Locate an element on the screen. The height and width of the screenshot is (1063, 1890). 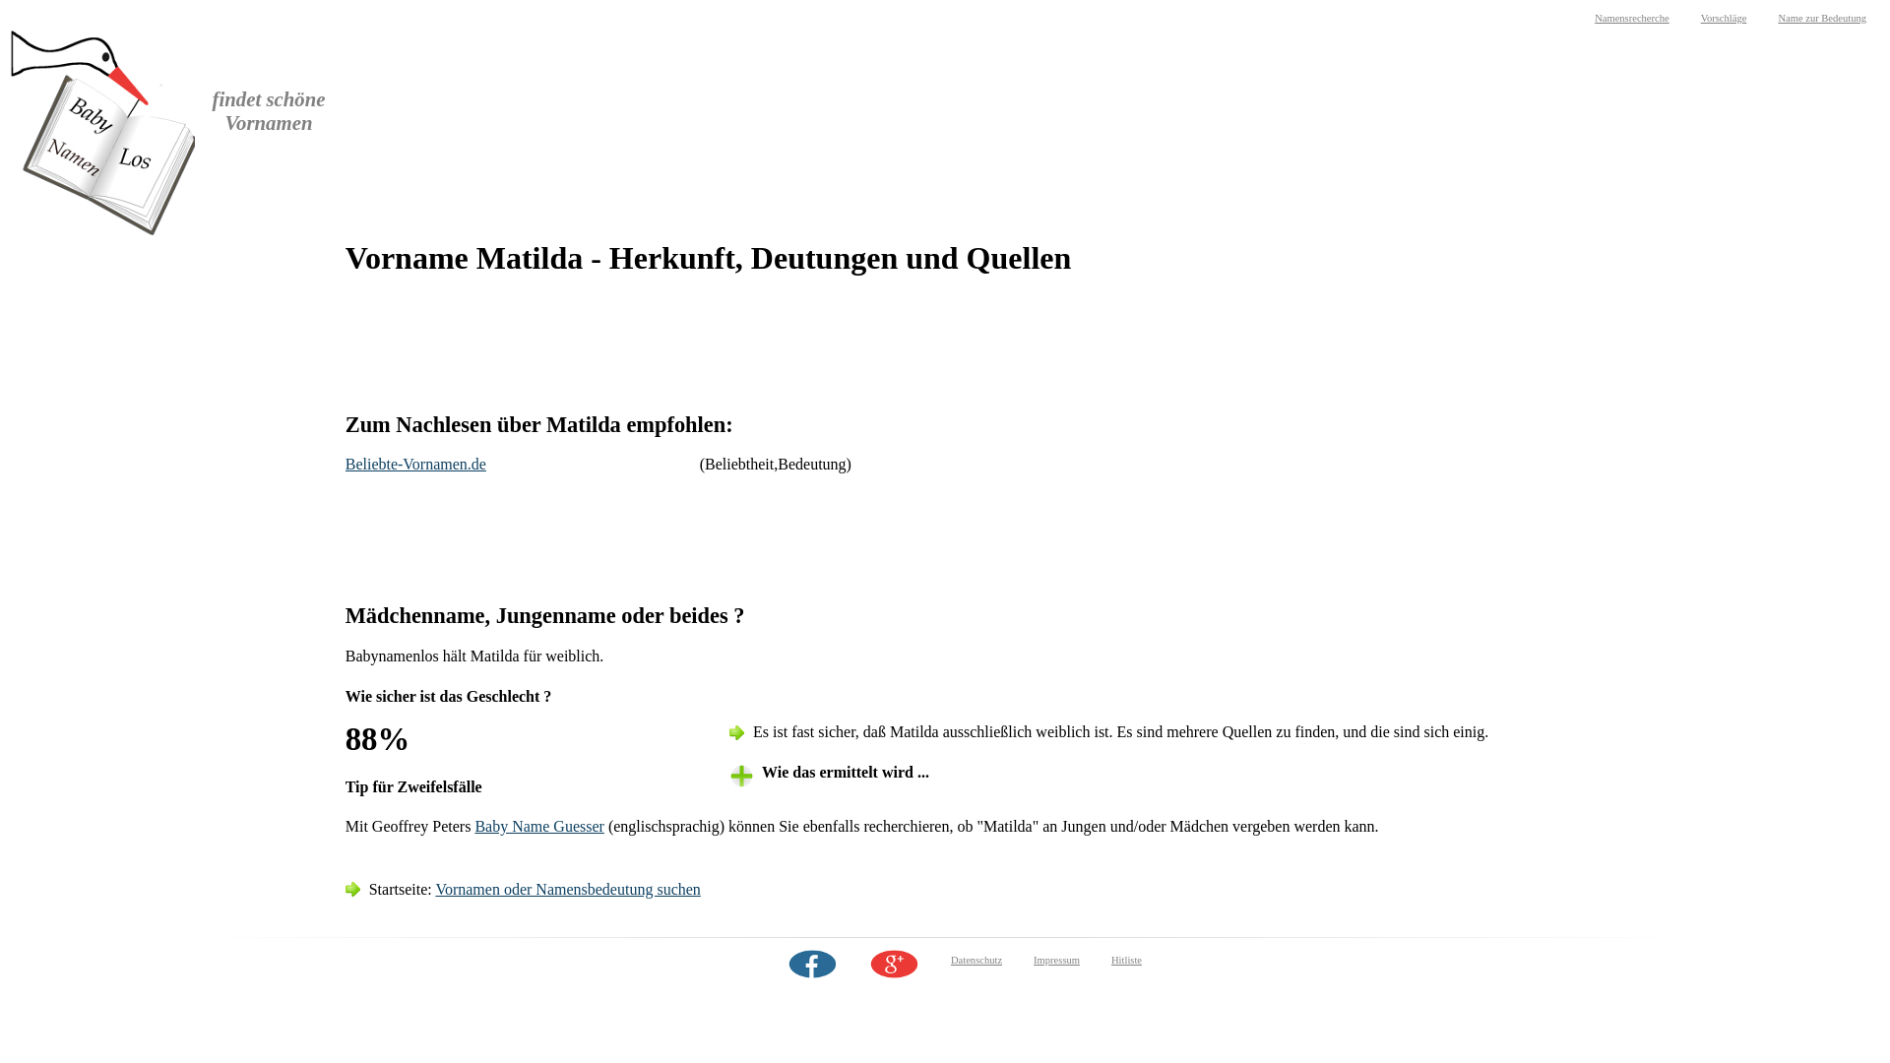
'Baby Name Guesser' is located at coordinates (538, 826).